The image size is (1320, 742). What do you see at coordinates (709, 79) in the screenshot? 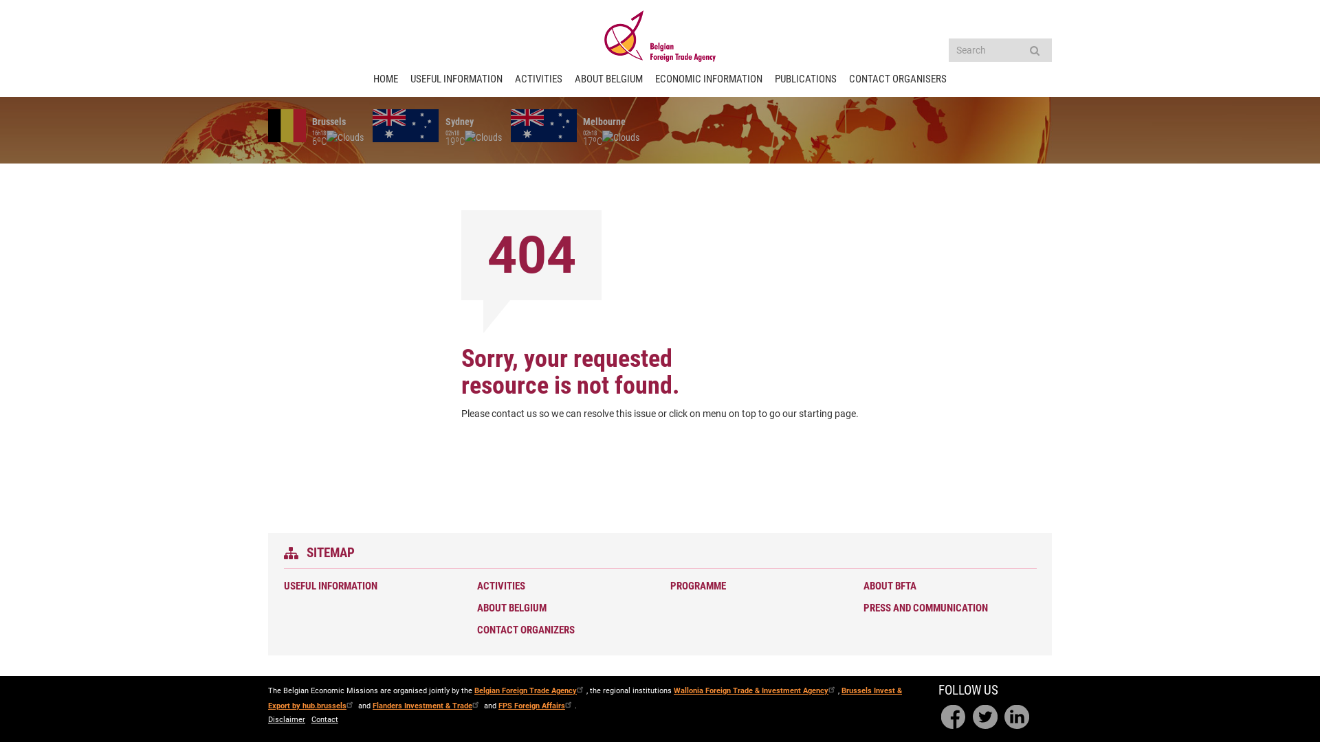
I see `'ECONOMIC INFORMATION'` at bounding box center [709, 79].